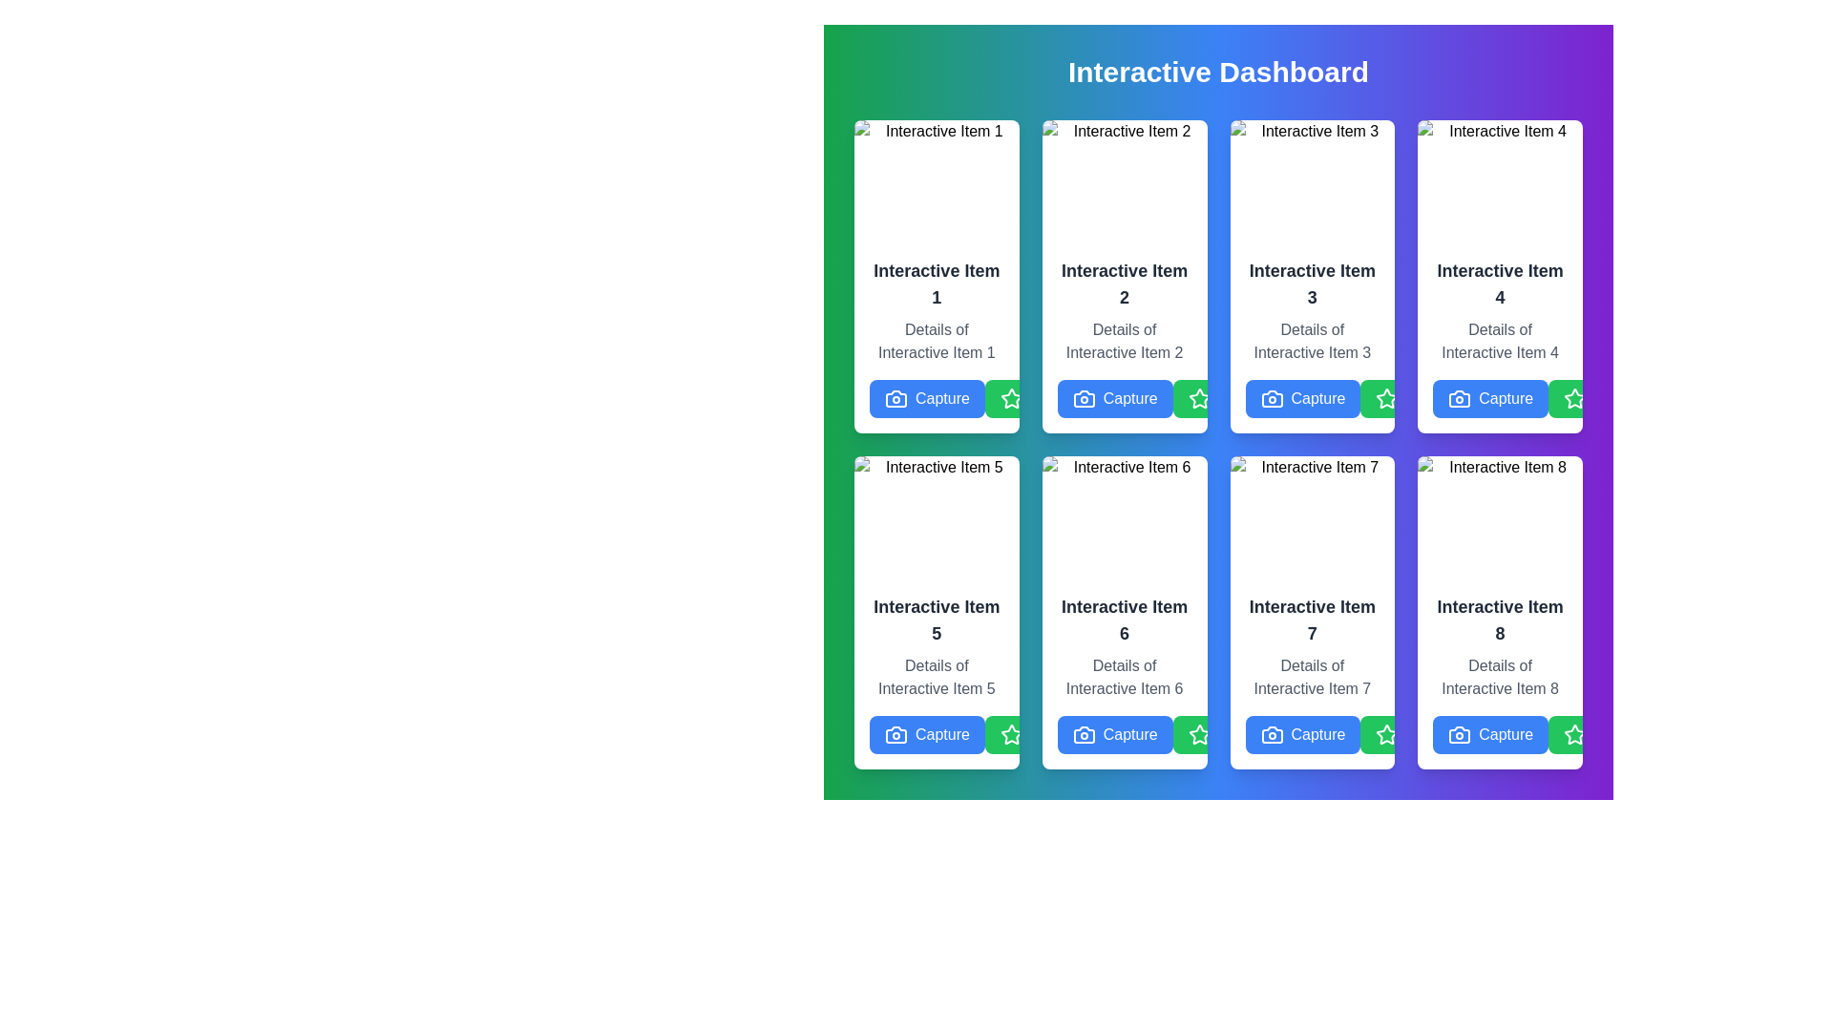 The image size is (1833, 1031). I want to click on the 'Capture' button, which is the first button in the group of three on the interactive card labeled 'Interactive Item 1', so click(927, 397).